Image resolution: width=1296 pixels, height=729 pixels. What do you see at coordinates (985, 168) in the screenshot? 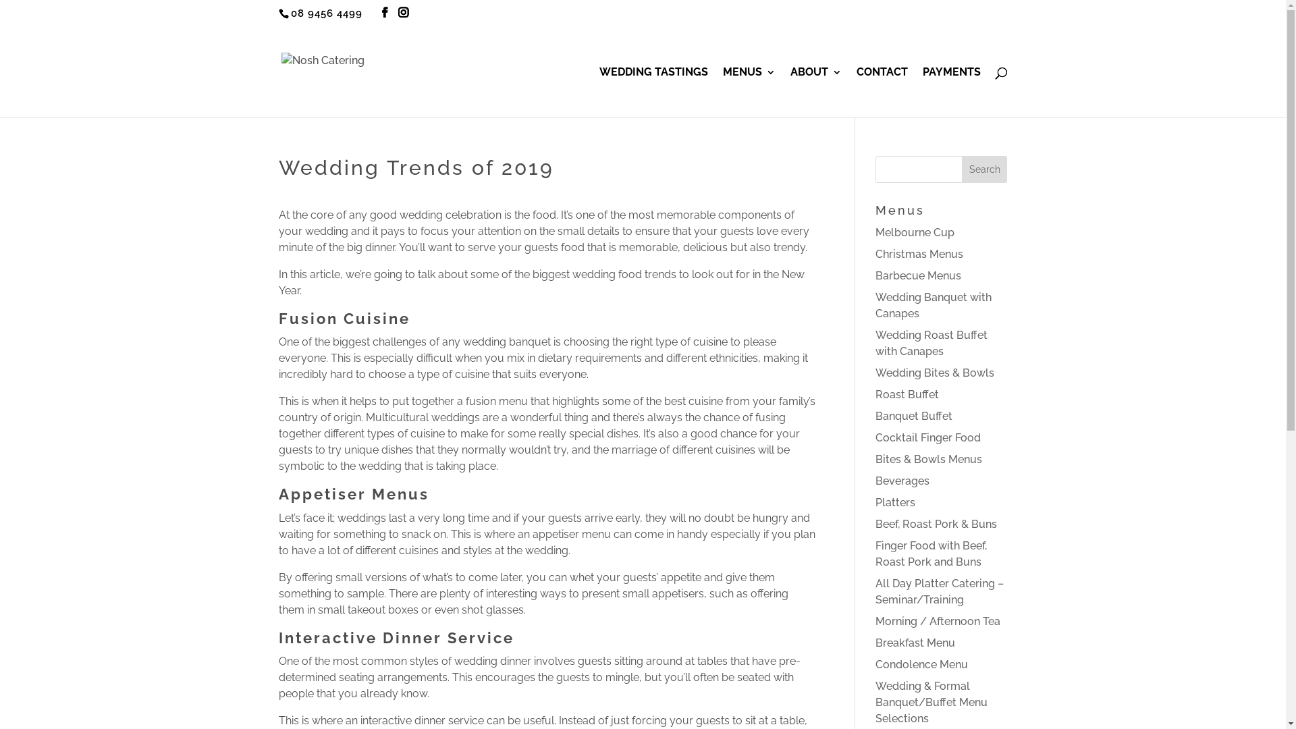
I see `'Search'` at bounding box center [985, 168].